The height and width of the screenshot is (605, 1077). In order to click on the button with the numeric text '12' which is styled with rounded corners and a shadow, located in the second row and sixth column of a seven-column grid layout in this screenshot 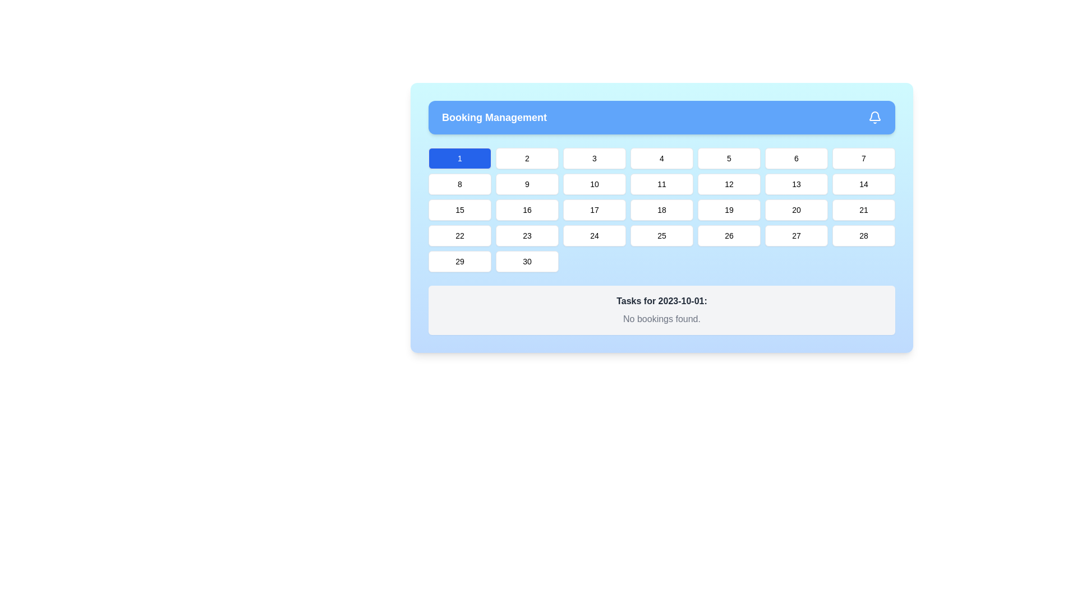, I will do `click(729, 183)`.